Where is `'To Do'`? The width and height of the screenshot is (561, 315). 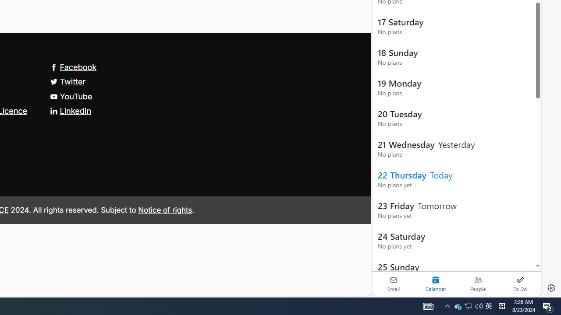
'To Do' is located at coordinates (520, 283).